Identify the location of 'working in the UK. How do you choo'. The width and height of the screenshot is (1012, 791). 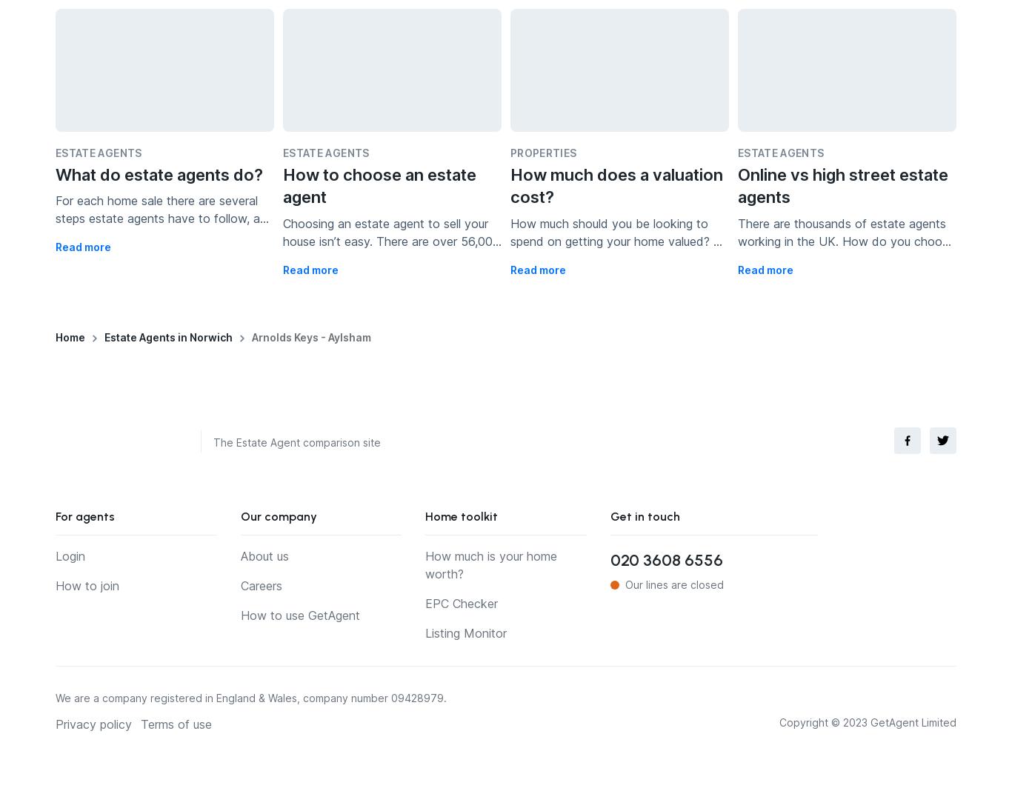
(737, 240).